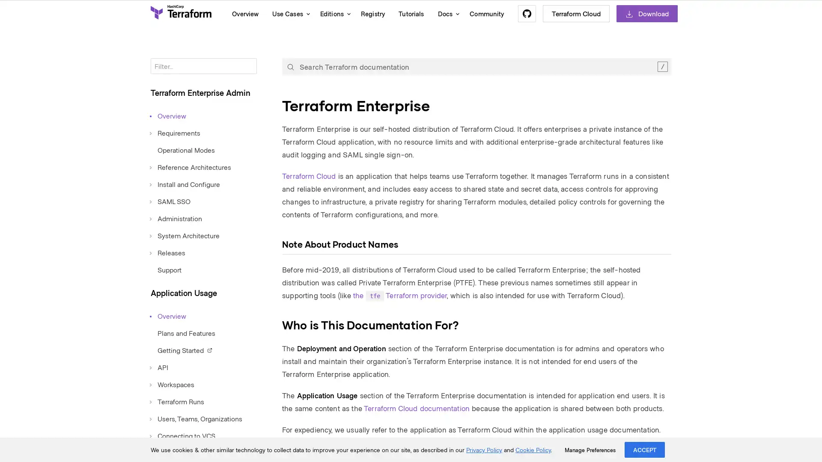 Image resolution: width=822 pixels, height=462 pixels. Describe the element at coordinates (159, 366) in the screenshot. I see `API` at that location.